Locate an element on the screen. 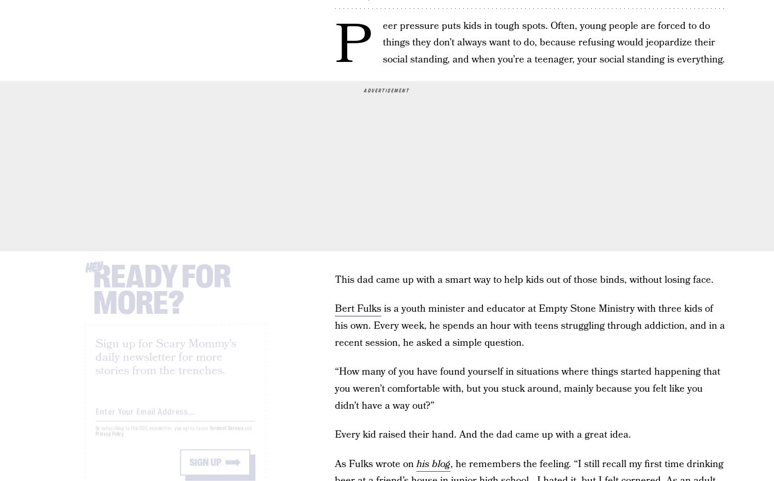  'is a youth minister and educator at Empty Stone Ministry with three kids of his own. Every week, he spends an hour with teens struggling through addiction, and in a recent session, he asked a simple question.' is located at coordinates (530, 325).